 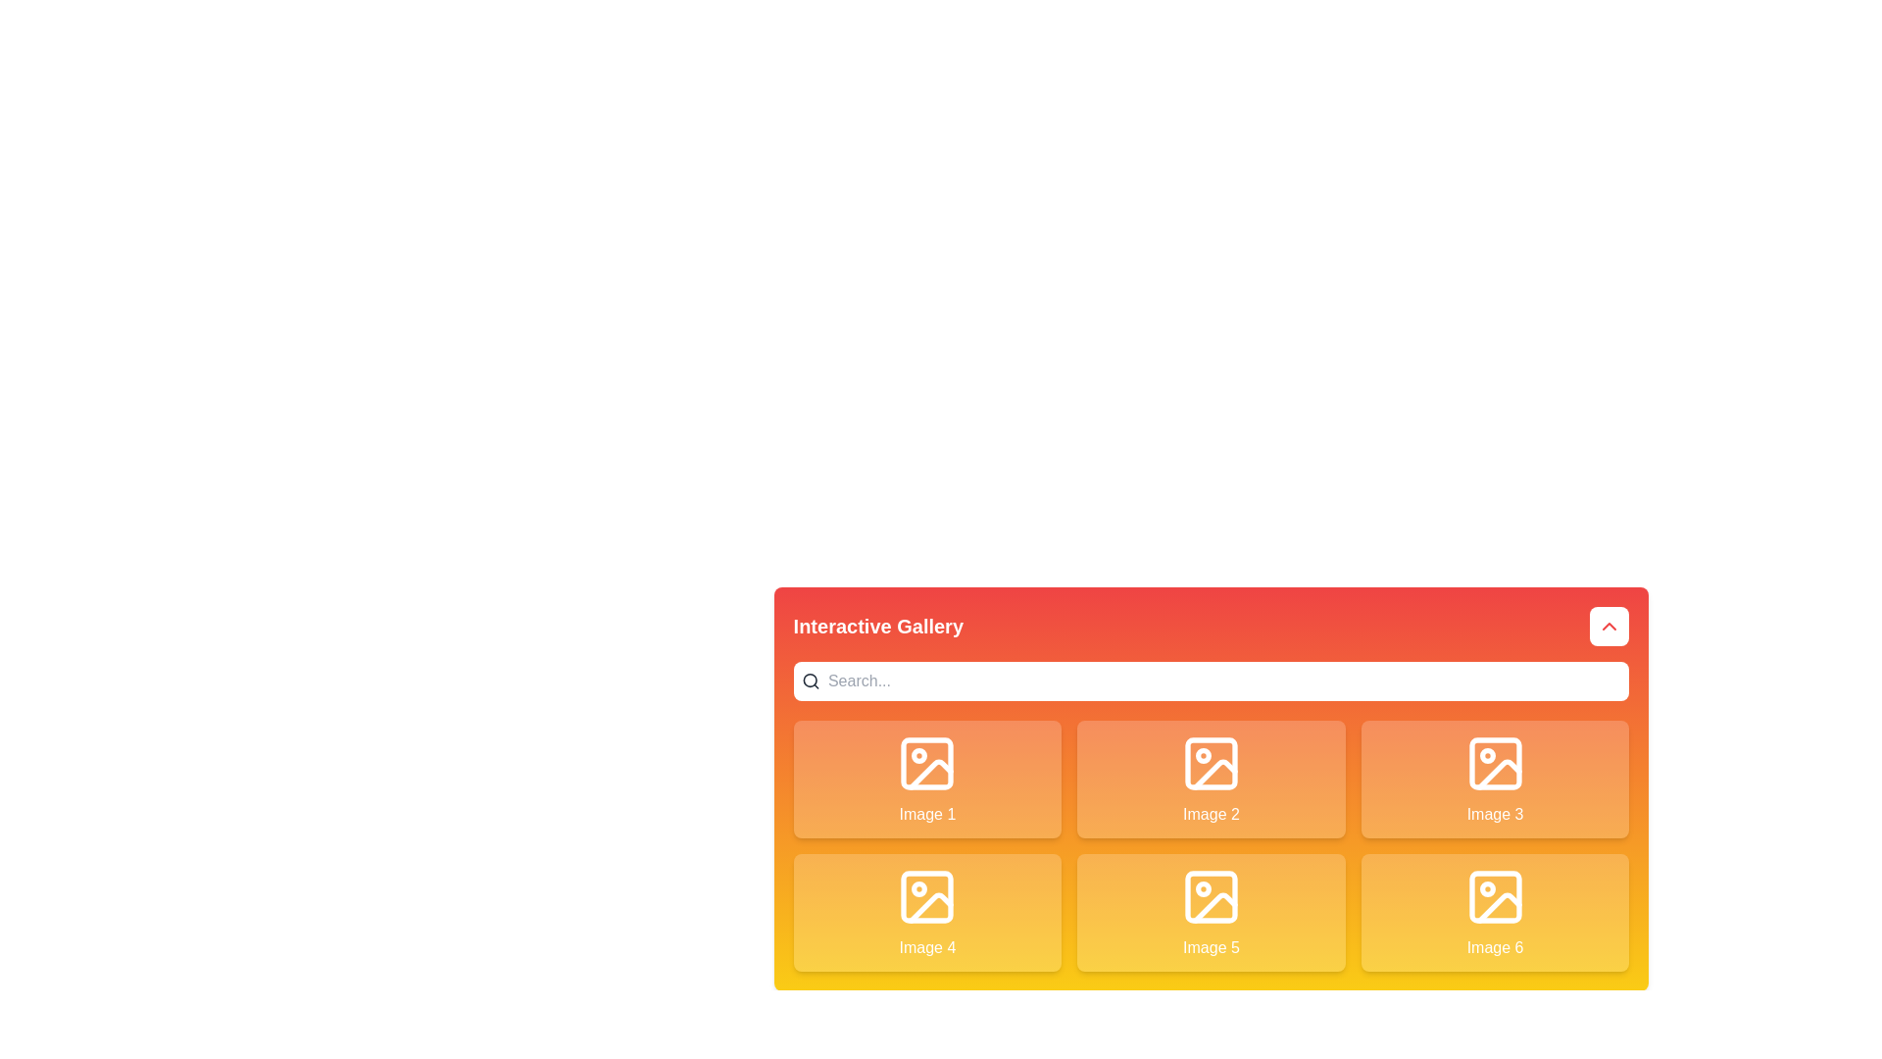 I want to click on text of the header titled 'Interactive Gallery', which is a bold white text on a red gradient background, positioned at the top left of the interface, so click(x=877, y=627).